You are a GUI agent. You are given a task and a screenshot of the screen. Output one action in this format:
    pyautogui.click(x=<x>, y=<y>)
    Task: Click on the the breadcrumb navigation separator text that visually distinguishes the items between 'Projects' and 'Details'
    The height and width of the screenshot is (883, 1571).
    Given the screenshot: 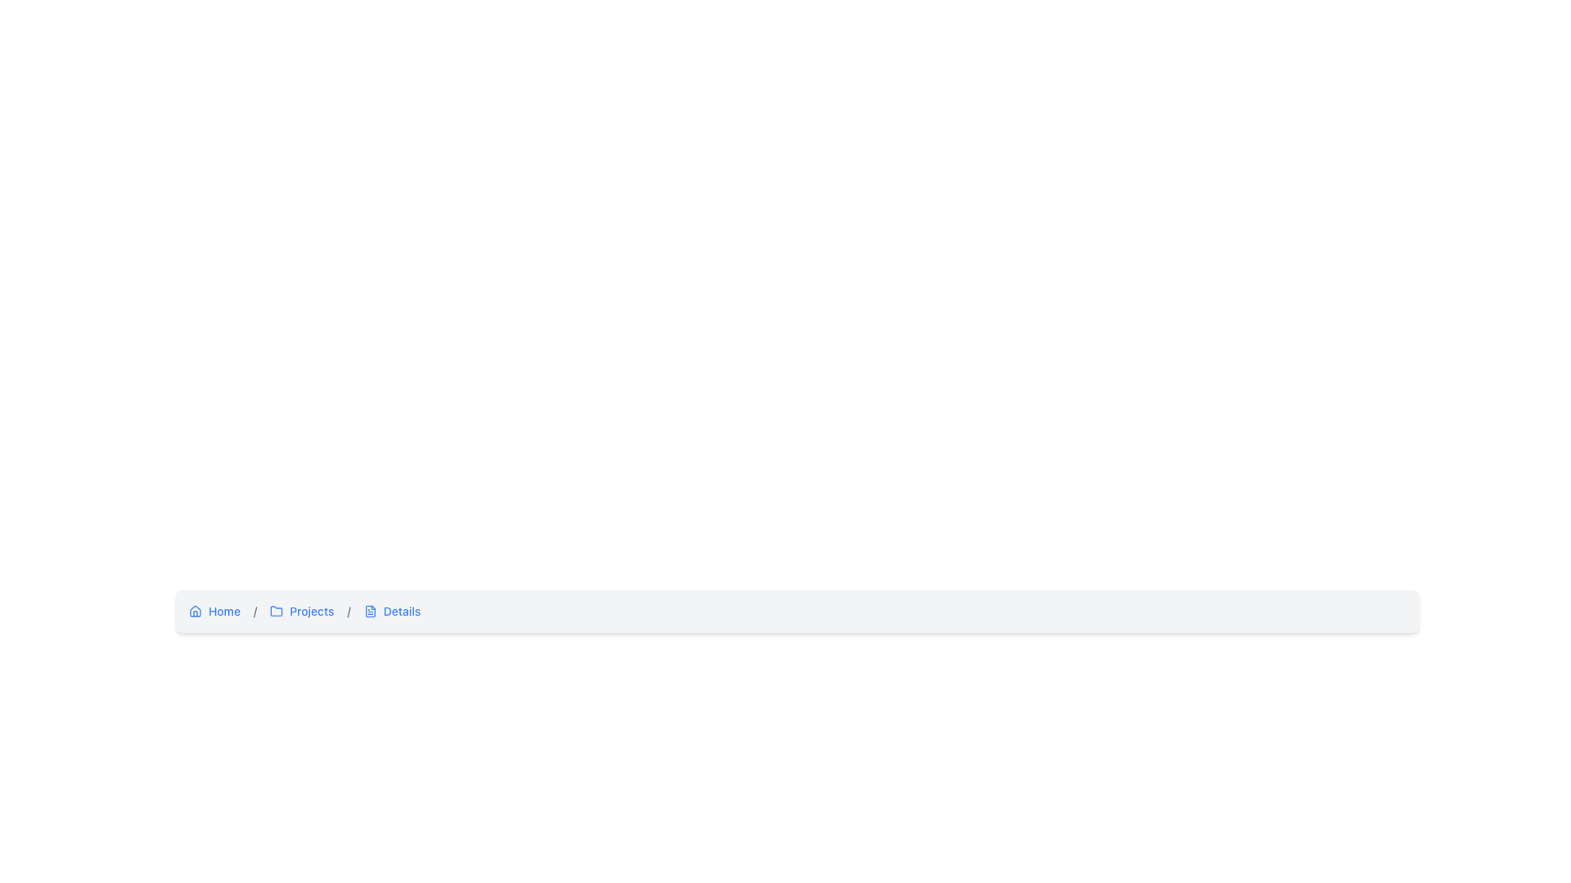 What is the action you would take?
    pyautogui.click(x=254, y=611)
    